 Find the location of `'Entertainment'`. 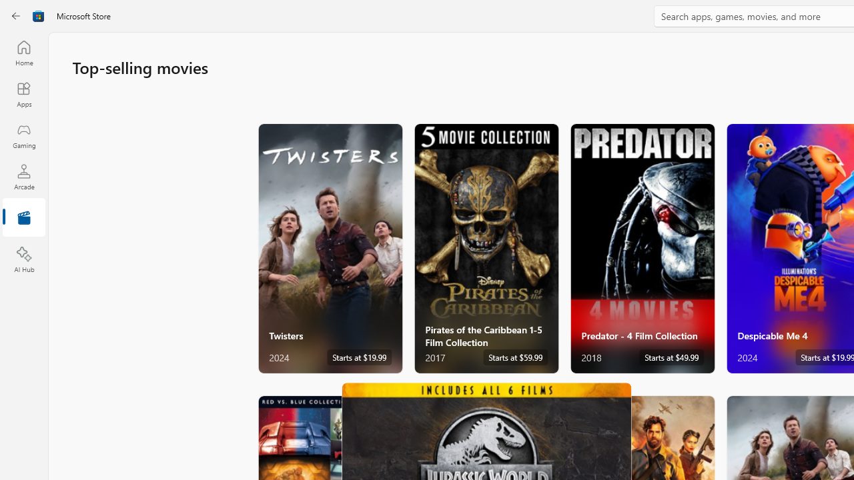

'Entertainment' is located at coordinates (23, 217).